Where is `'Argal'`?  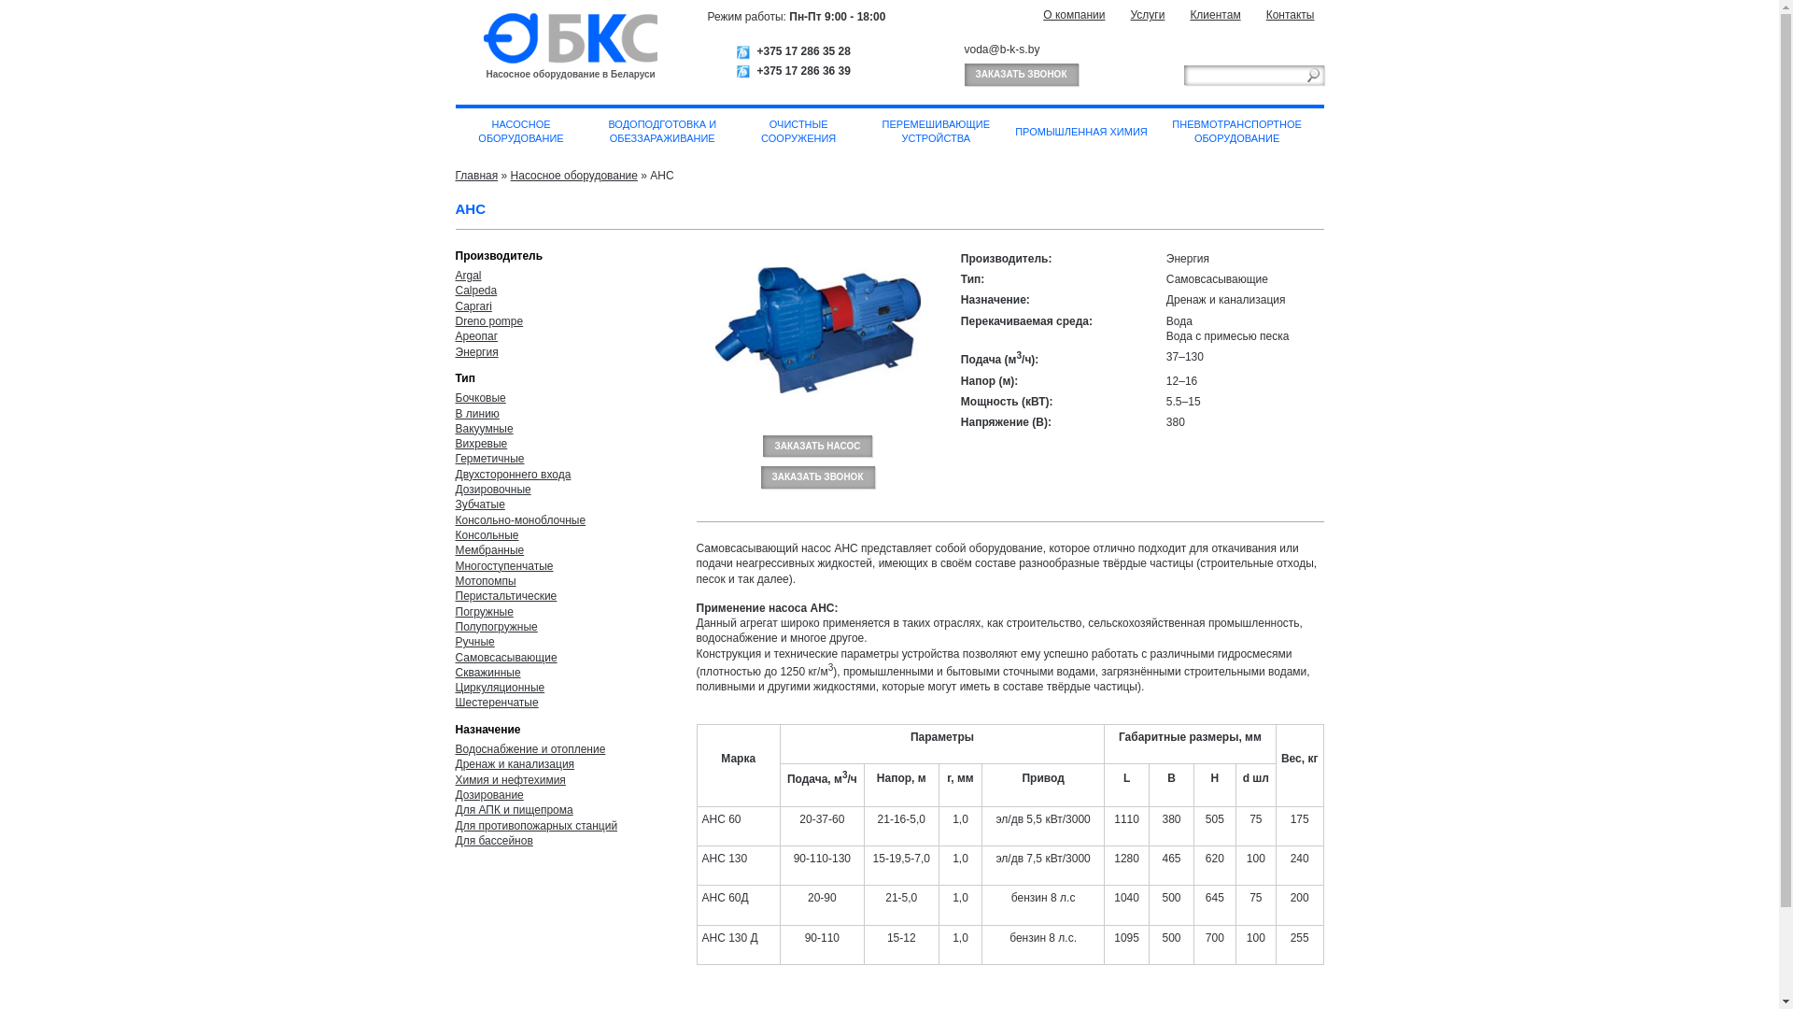
'Argal' is located at coordinates (469, 275).